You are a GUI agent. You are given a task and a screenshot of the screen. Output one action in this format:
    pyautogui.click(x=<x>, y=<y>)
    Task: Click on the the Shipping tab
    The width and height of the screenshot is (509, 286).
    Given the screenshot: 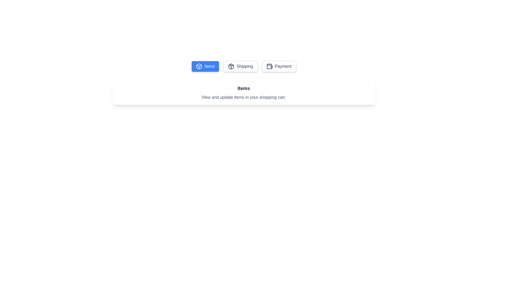 What is the action you would take?
    pyautogui.click(x=240, y=66)
    